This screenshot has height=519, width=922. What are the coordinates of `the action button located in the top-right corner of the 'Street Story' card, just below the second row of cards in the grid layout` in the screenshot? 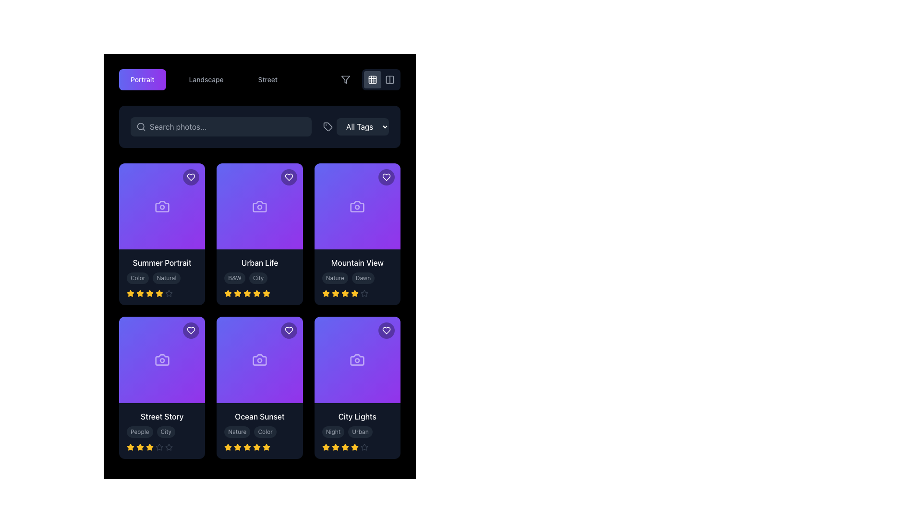 It's located at (191, 330).